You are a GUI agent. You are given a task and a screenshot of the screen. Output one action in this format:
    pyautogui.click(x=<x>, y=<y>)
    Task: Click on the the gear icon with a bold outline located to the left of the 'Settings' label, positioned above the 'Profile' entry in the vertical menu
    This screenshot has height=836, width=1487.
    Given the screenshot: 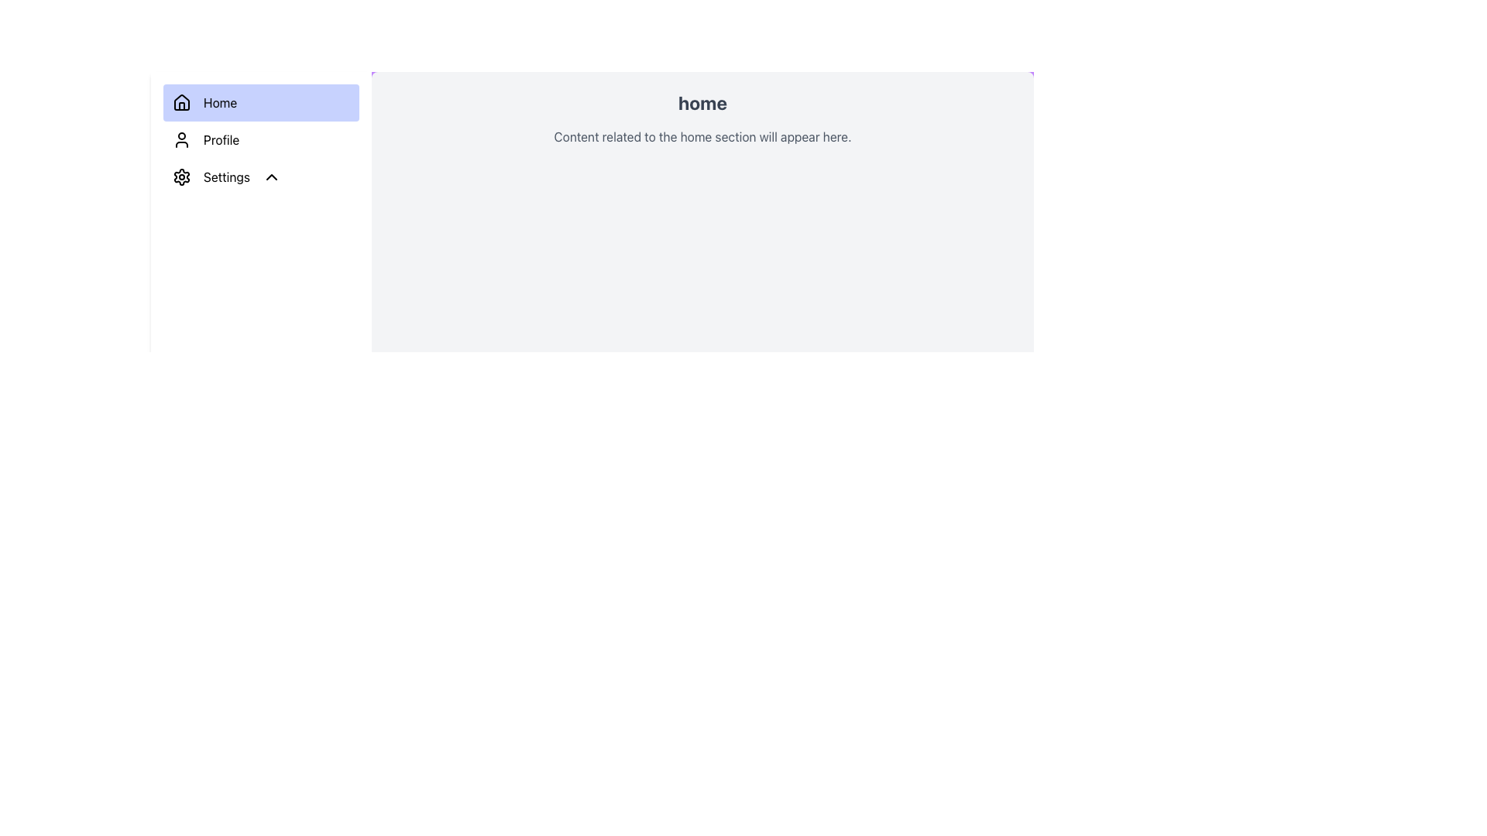 What is the action you would take?
    pyautogui.click(x=182, y=176)
    